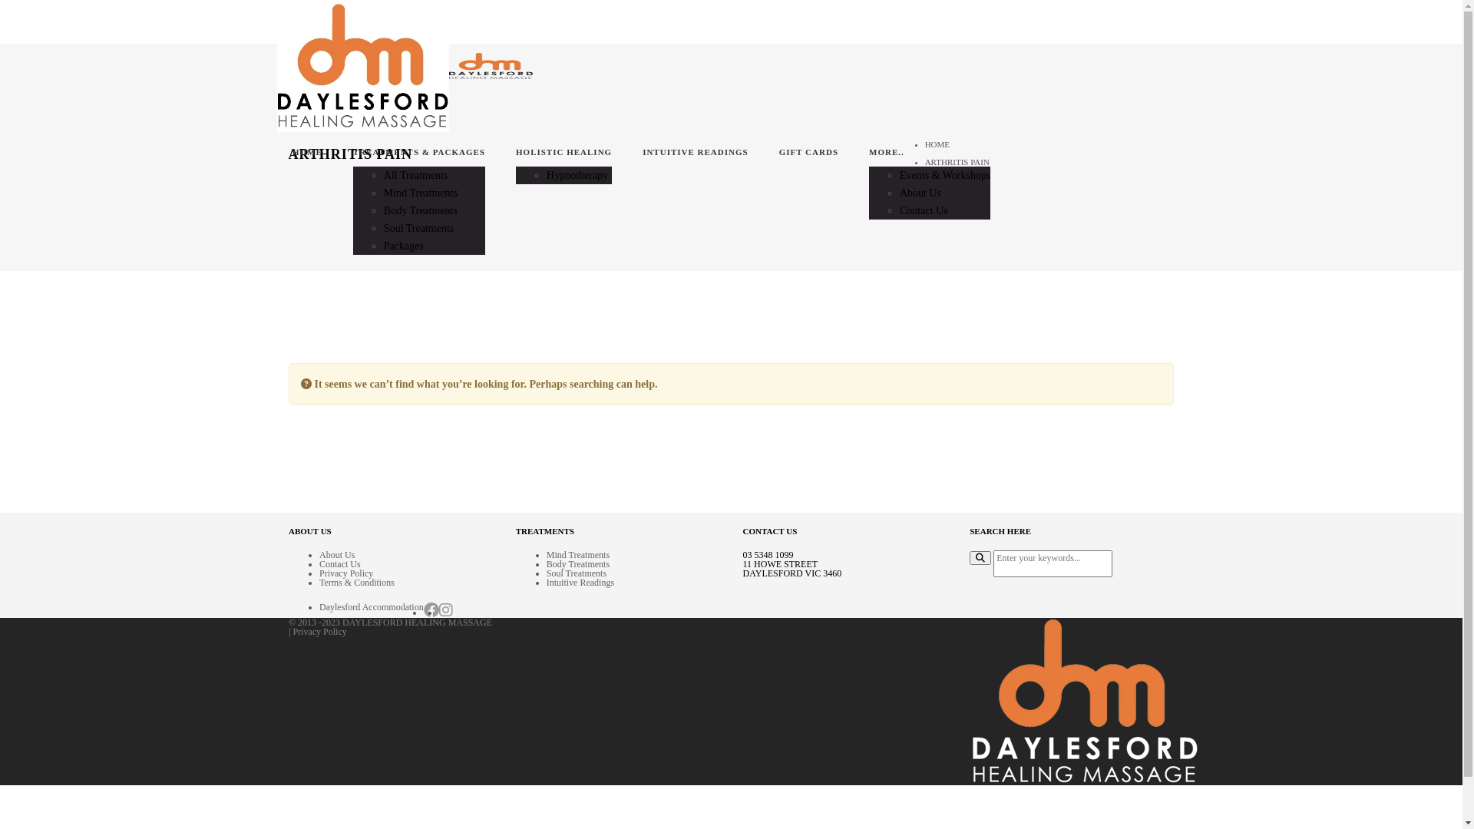 This screenshot has height=829, width=1474. I want to click on 'Contact Us', so click(923, 210).